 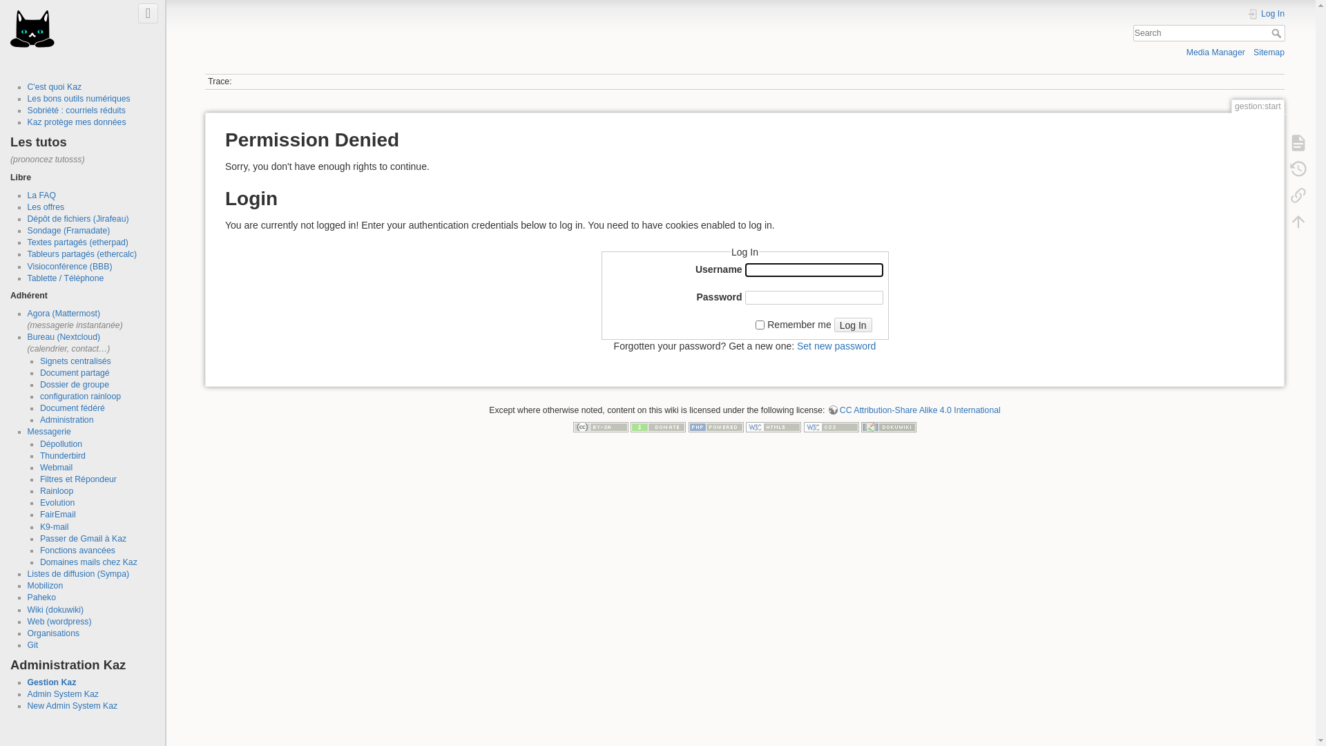 I want to click on 'La FAQ', so click(x=42, y=195).